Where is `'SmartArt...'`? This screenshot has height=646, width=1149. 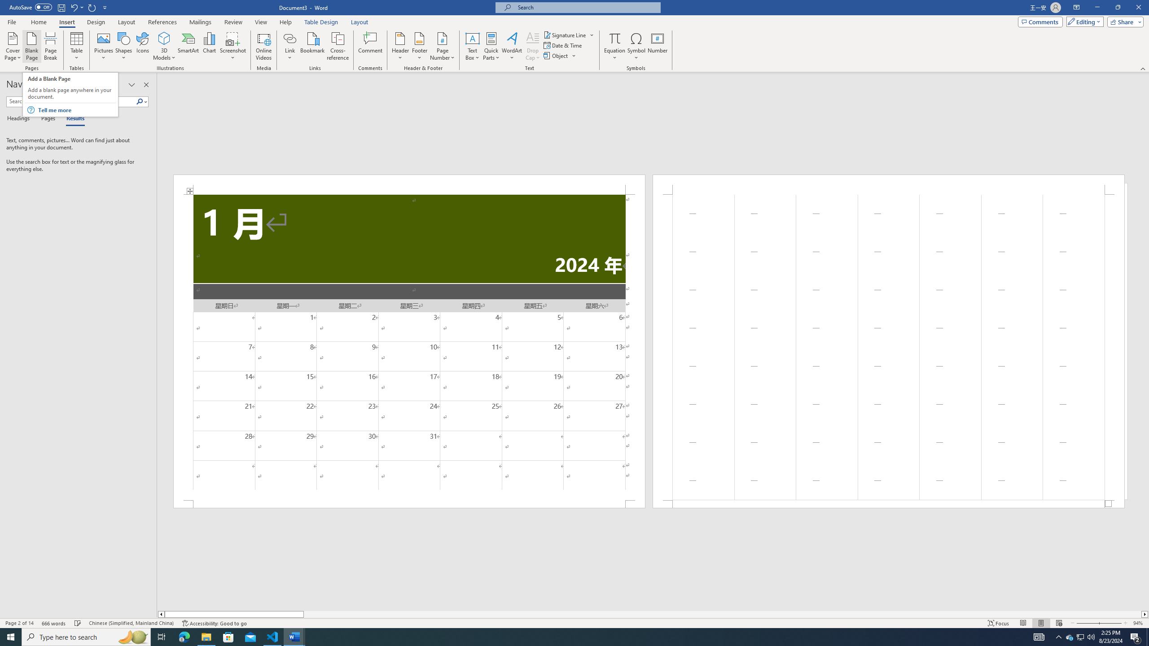
'SmartArt...' is located at coordinates (188, 46).